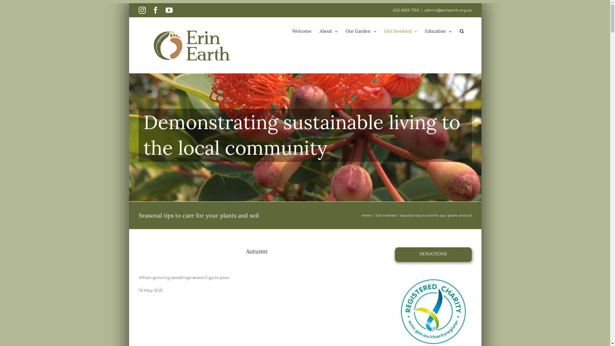  Describe the element at coordinates (459, 31) in the screenshot. I see `'Search'` at that location.